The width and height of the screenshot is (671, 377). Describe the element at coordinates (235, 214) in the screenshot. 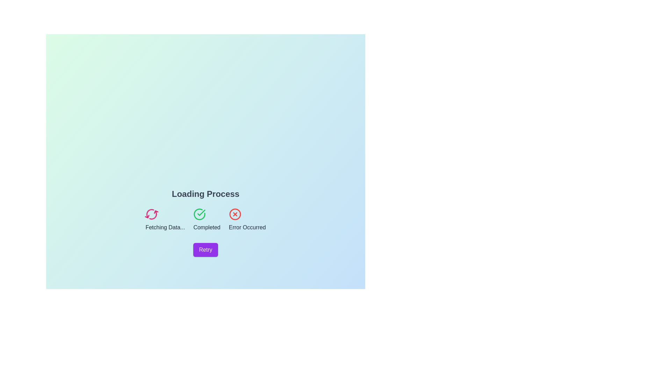

I see `the error indicator icon, which is the third icon in a sequence of three, located above the 'Retry' button, to understand the current error state` at that location.